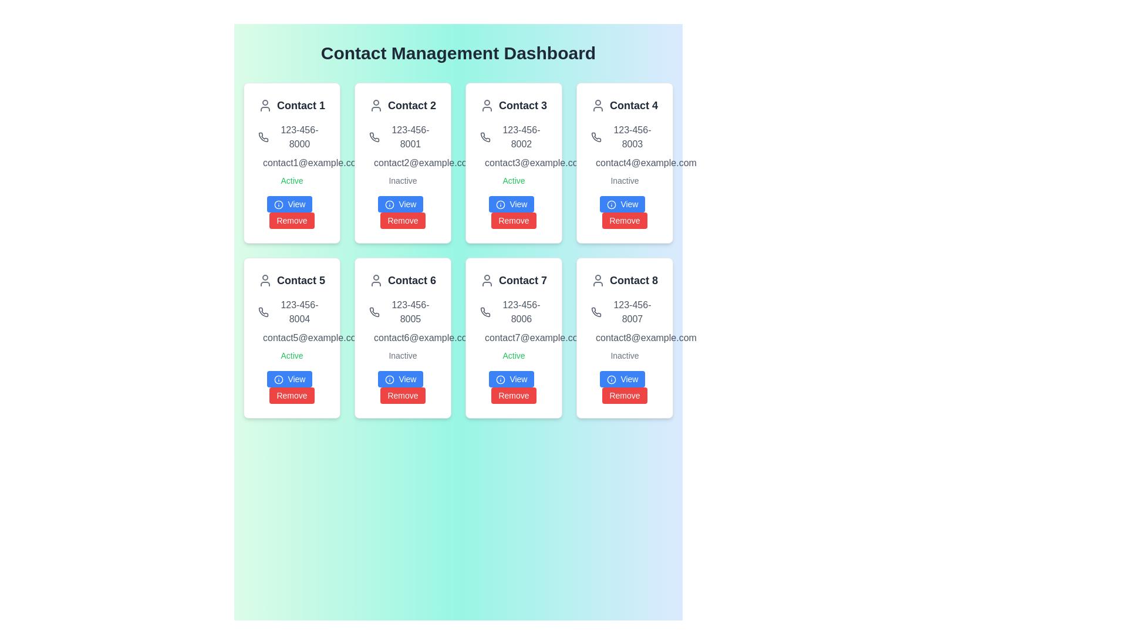 The height and width of the screenshot is (634, 1127). Describe the element at coordinates (624, 220) in the screenshot. I see `the button for removing 'Contact 4', located in the bottom section of the card, to change its appearance` at that location.